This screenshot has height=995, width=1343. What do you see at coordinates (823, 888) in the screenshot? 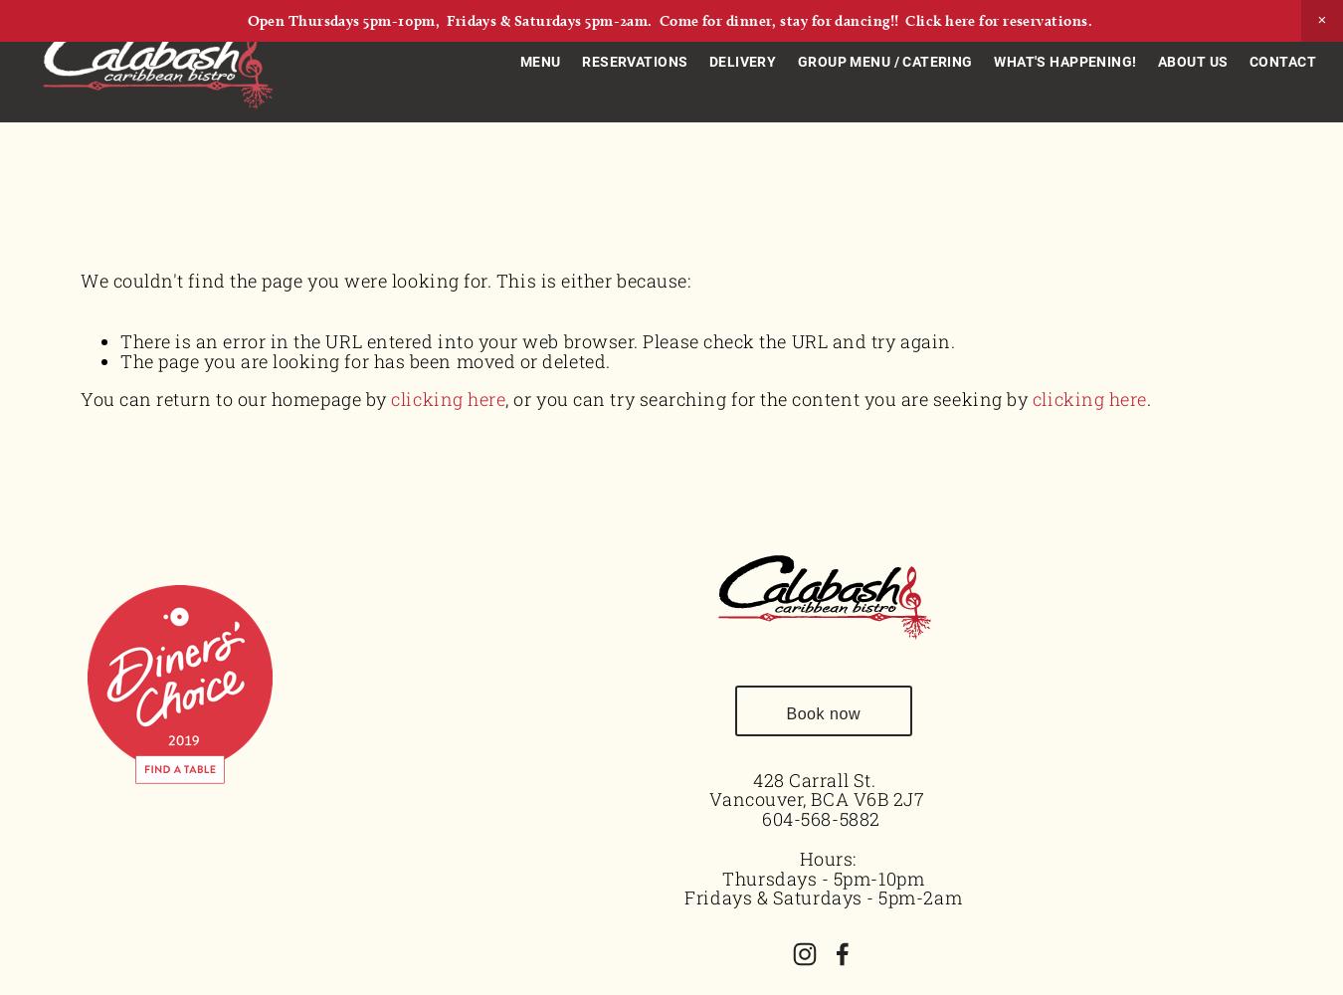
I see `'Thursdays - 5pm-10pm
Fridays & Saturdays - 5pm-2am'` at bounding box center [823, 888].